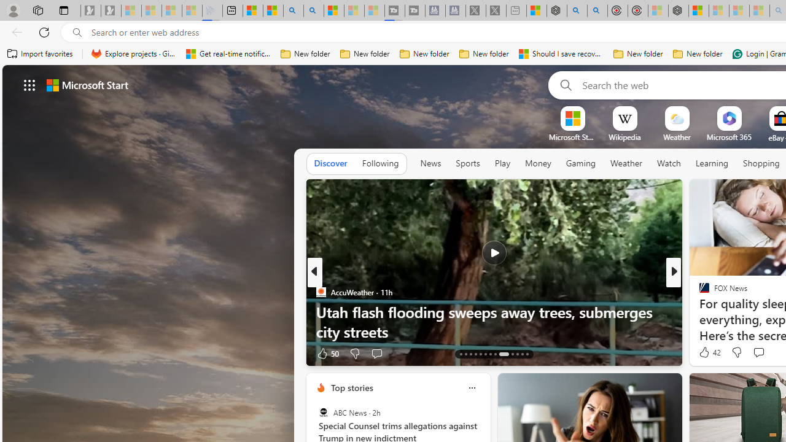 The height and width of the screenshot is (442, 786). What do you see at coordinates (597, 10) in the screenshot?
I see `'poe ++ standard - Search'` at bounding box center [597, 10].